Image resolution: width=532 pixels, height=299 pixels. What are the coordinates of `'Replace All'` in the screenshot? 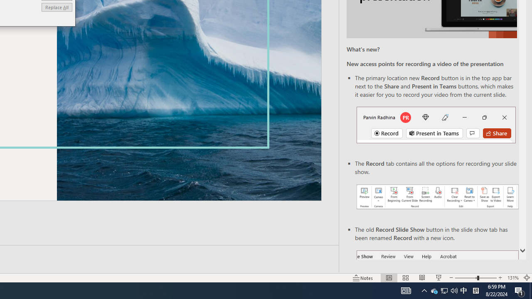 It's located at (56, 7).